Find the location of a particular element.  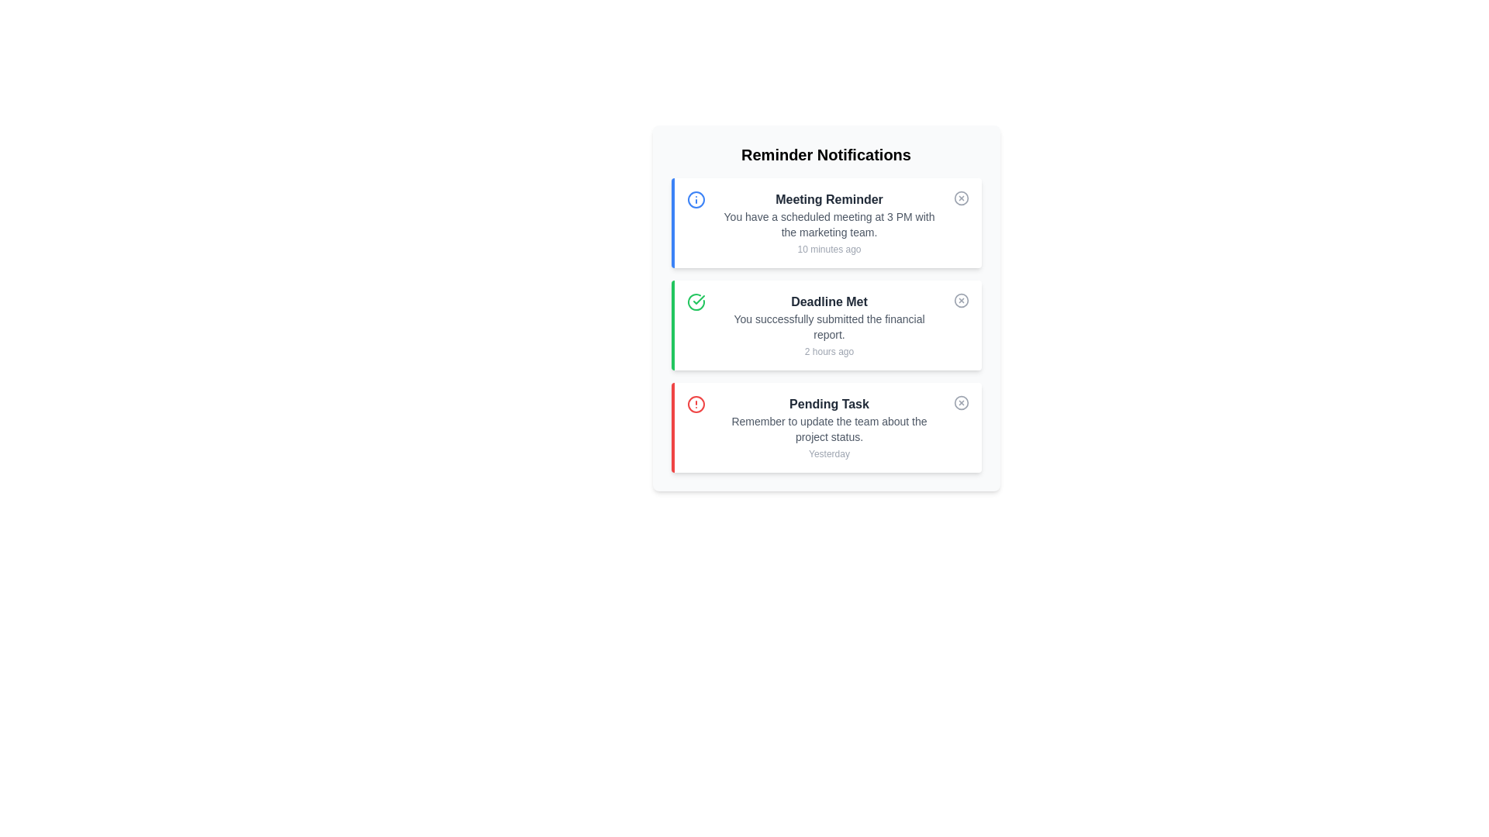

the text displaying the time since the related activity in the 'Deadline Met' notification card, located below 'You successfully submitted the financial report.' is located at coordinates (828, 352).